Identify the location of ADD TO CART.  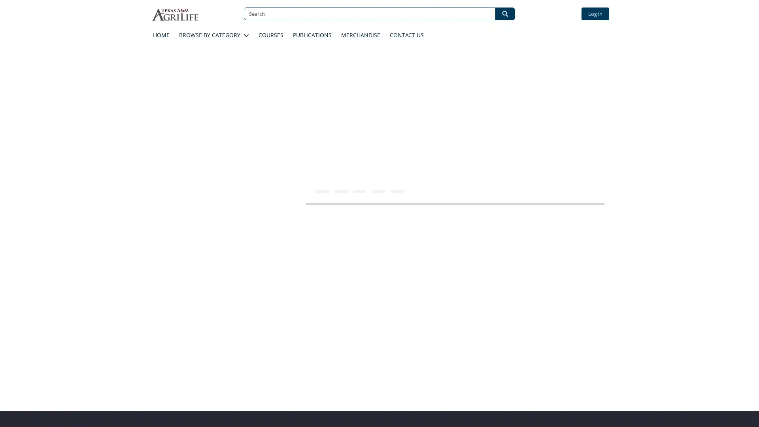
(403, 181).